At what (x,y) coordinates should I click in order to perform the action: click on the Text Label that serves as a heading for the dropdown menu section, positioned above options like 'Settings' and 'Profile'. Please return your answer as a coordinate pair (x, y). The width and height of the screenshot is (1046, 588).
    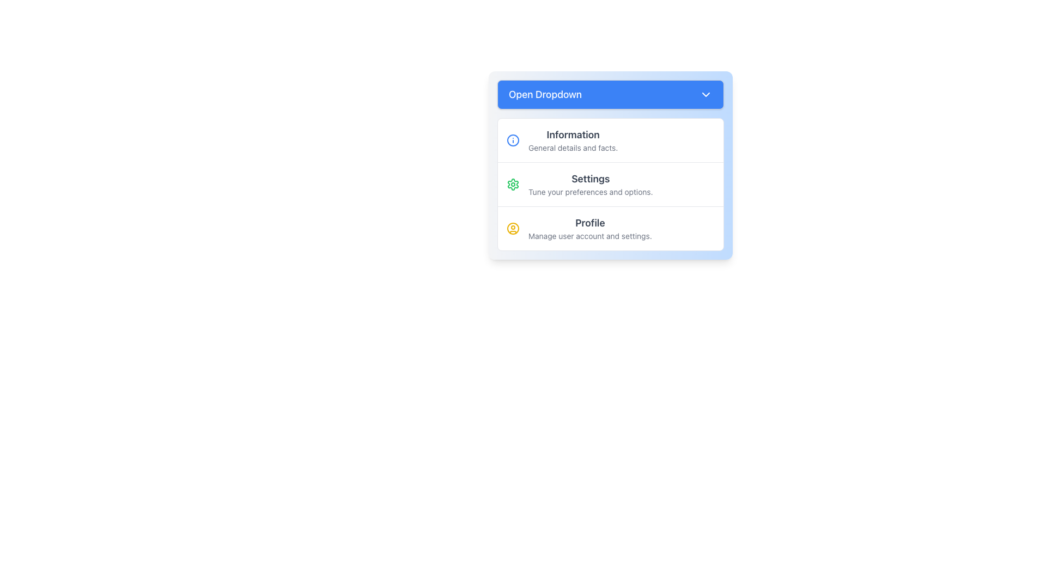
    Looking at the image, I should click on (573, 134).